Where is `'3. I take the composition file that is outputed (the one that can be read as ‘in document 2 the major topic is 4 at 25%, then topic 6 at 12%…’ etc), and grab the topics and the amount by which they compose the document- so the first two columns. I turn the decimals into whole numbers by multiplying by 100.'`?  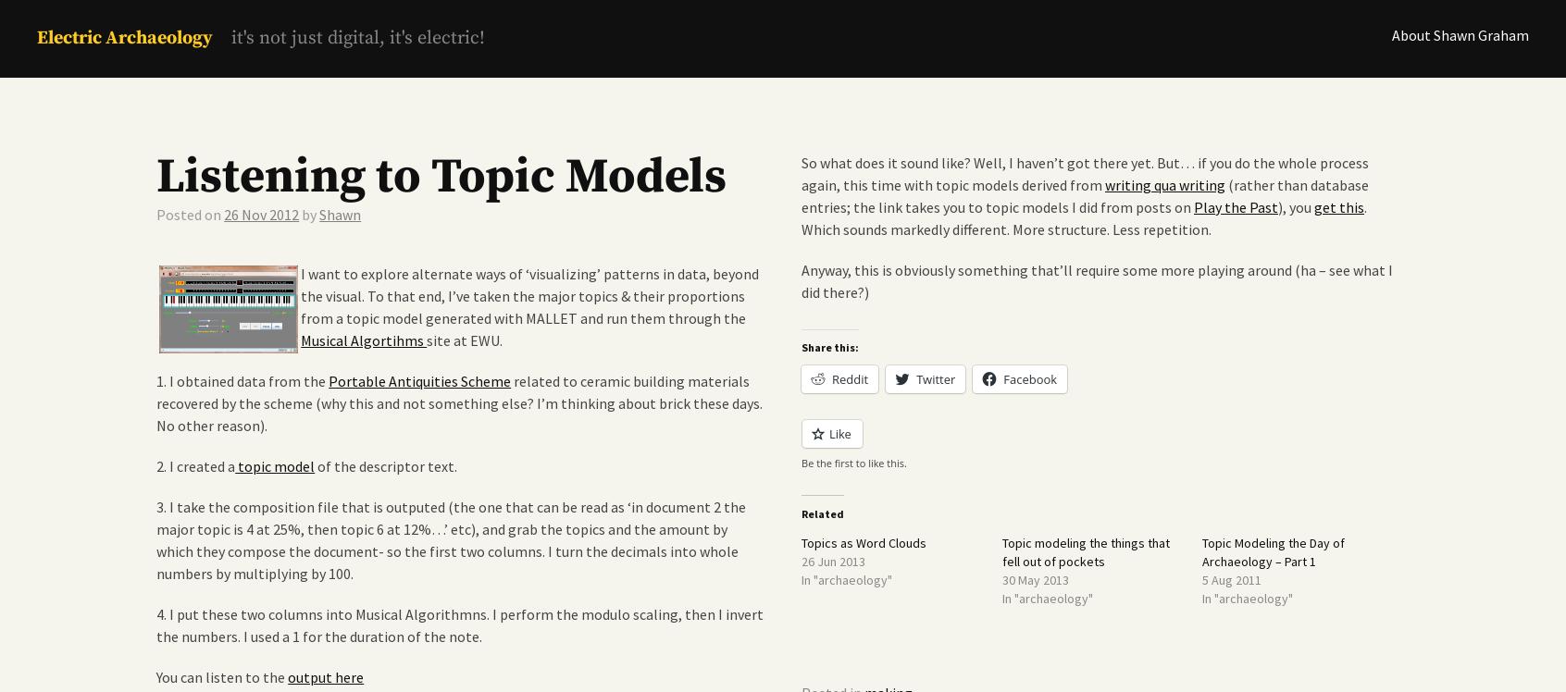 '3. I take the composition file that is outputed (the one that can be read as ‘in document 2 the major topic is 4 at 25%, then topic 6 at 12%…’ etc), and grab the topics and the amount by which they compose the document- so the first two columns. I turn the decimals into whole numbers by multiplying by 100.' is located at coordinates (155, 539).